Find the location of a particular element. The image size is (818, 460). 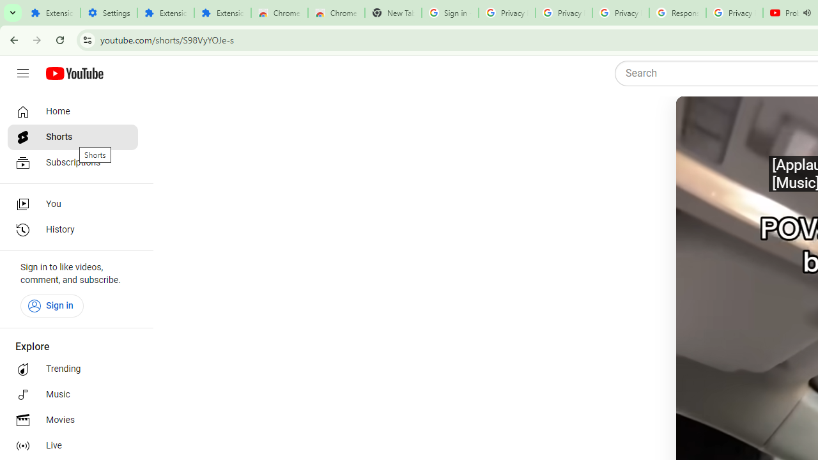

'History' is located at coordinates (72, 230).